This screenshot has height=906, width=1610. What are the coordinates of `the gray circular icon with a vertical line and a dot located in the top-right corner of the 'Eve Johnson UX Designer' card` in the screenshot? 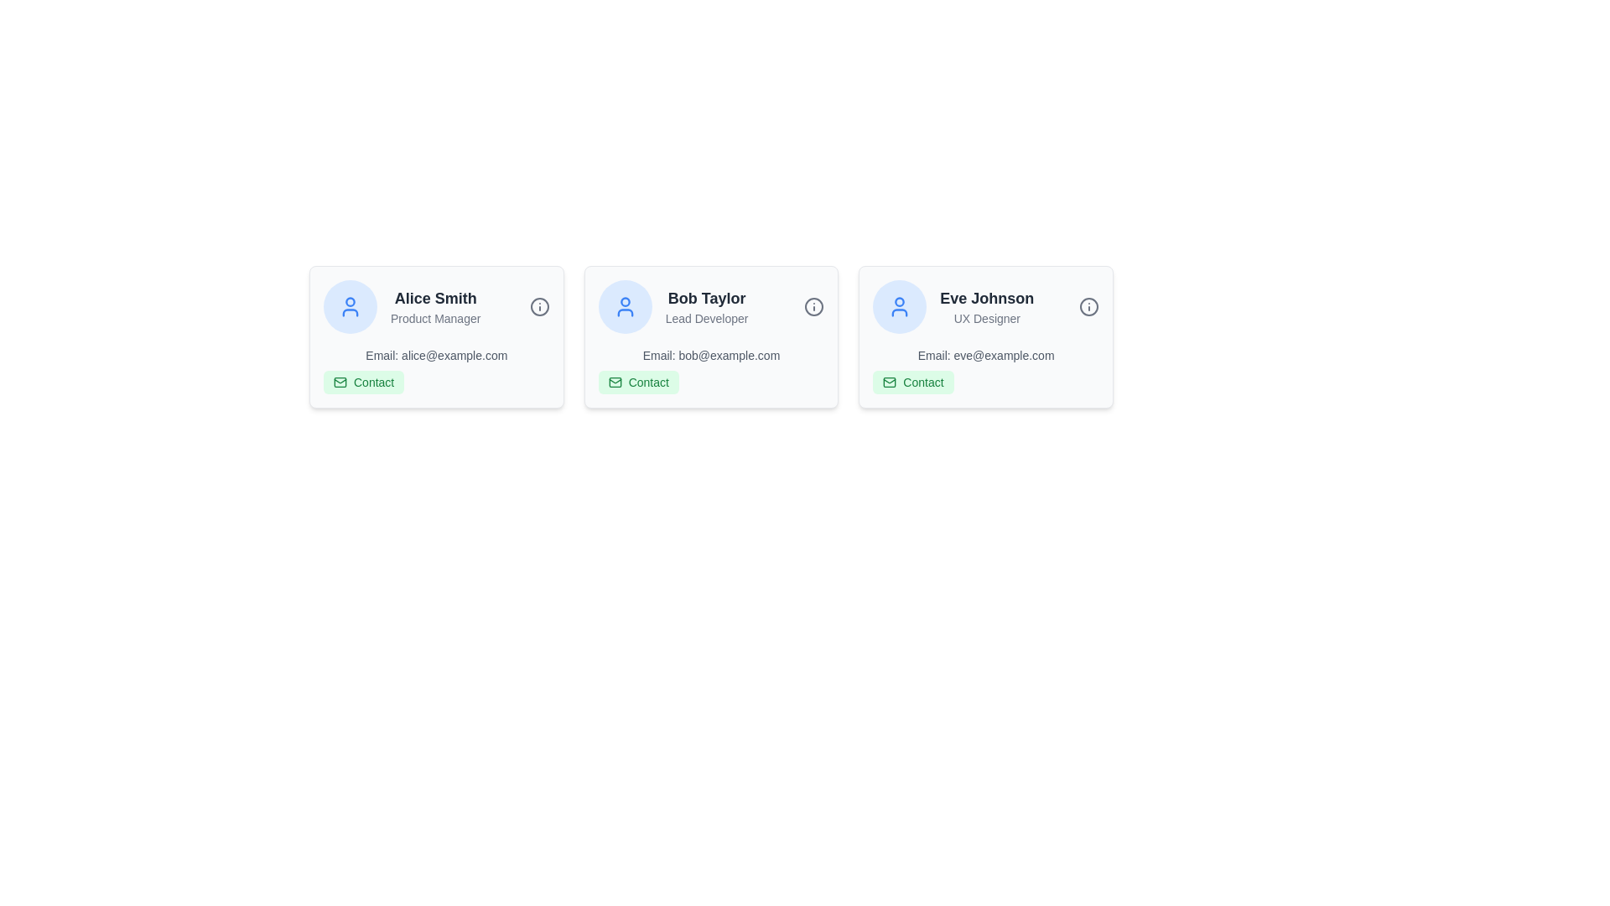 It's located at (1089, 307).